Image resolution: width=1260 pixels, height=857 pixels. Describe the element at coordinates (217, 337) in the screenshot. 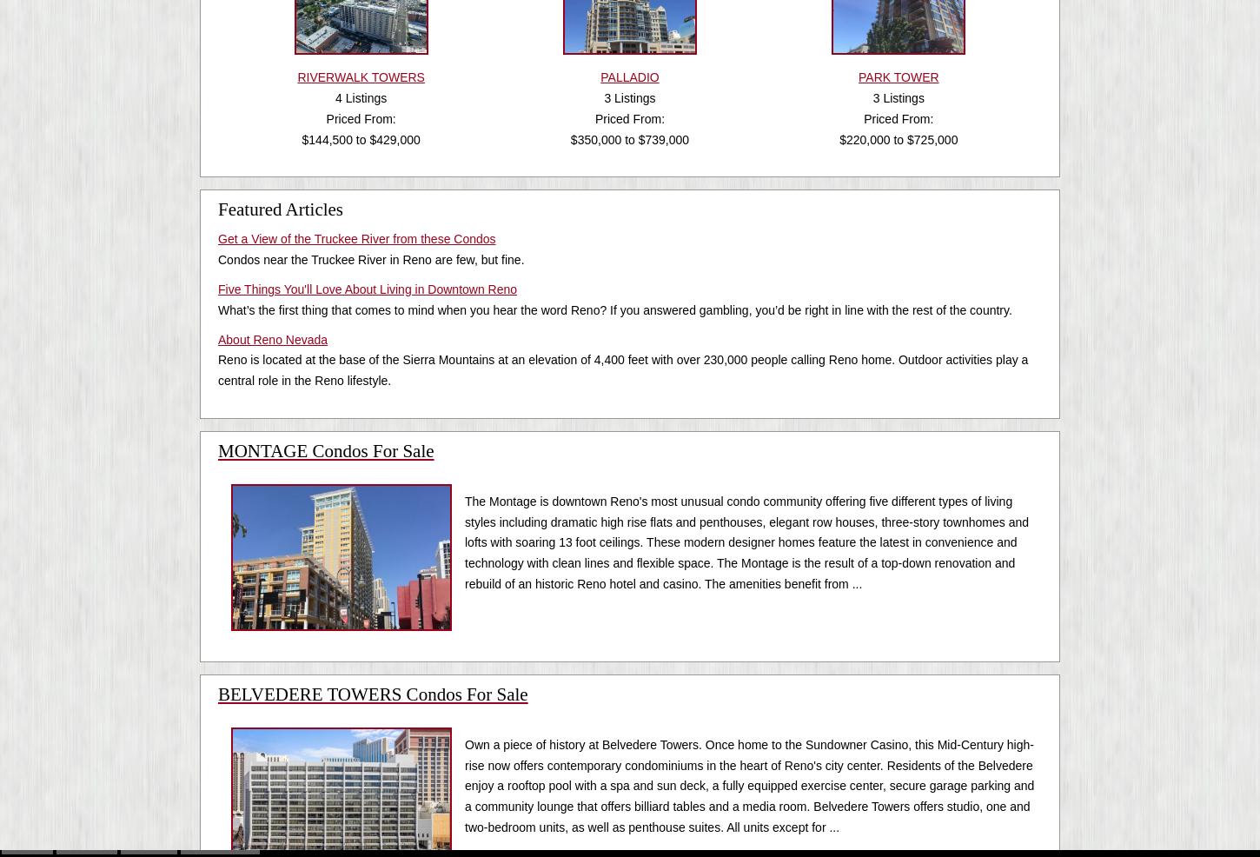

I see `'About Reno Nevada'` at that location.